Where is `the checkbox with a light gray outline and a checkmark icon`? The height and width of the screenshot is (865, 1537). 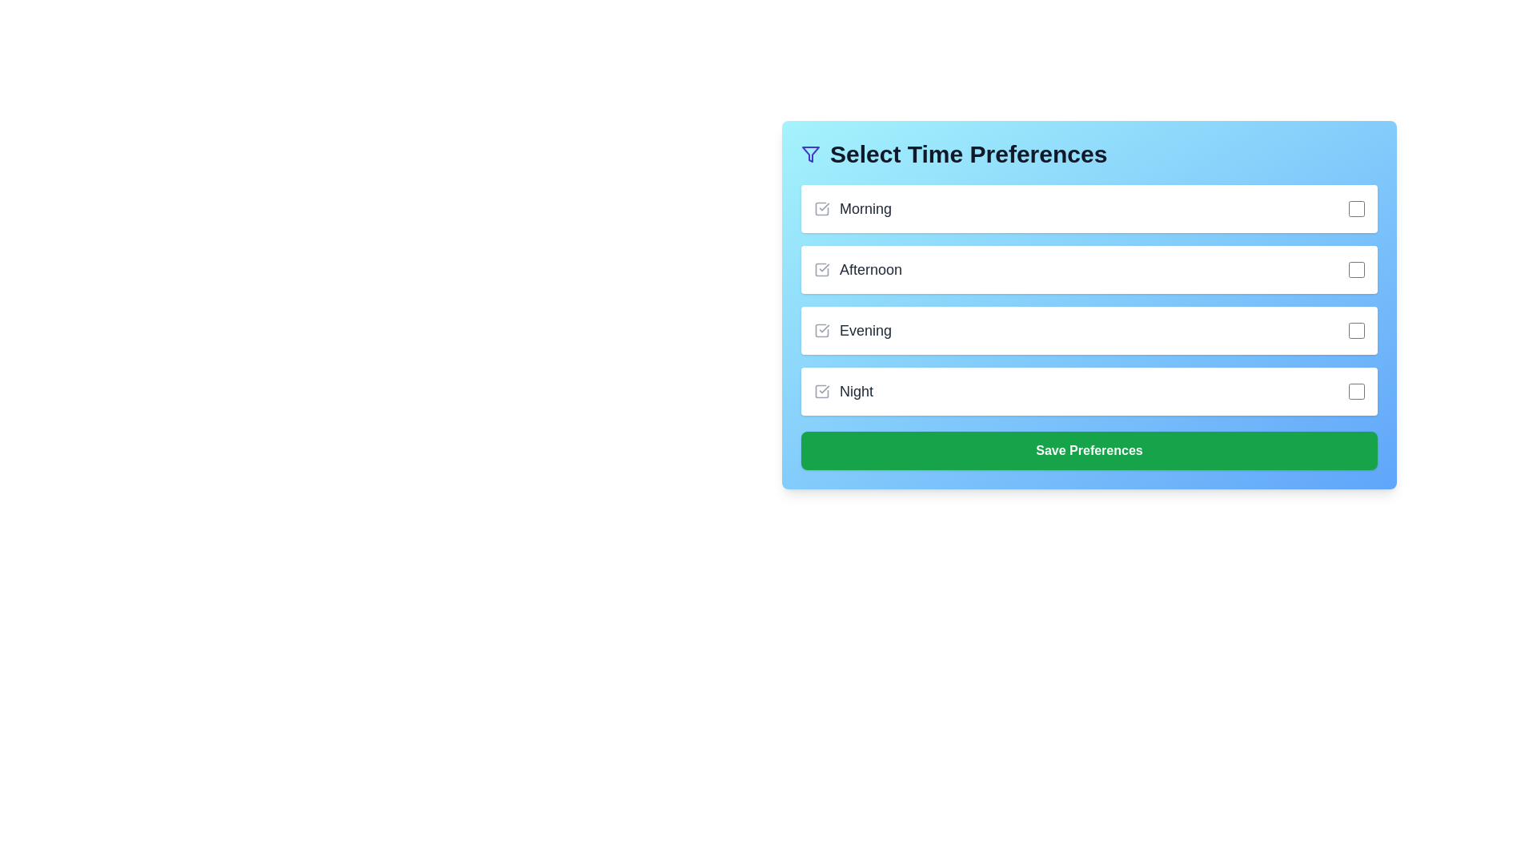
the checkbox with a light gray outline and a checkmark icon is located at coordinates (822, 392).